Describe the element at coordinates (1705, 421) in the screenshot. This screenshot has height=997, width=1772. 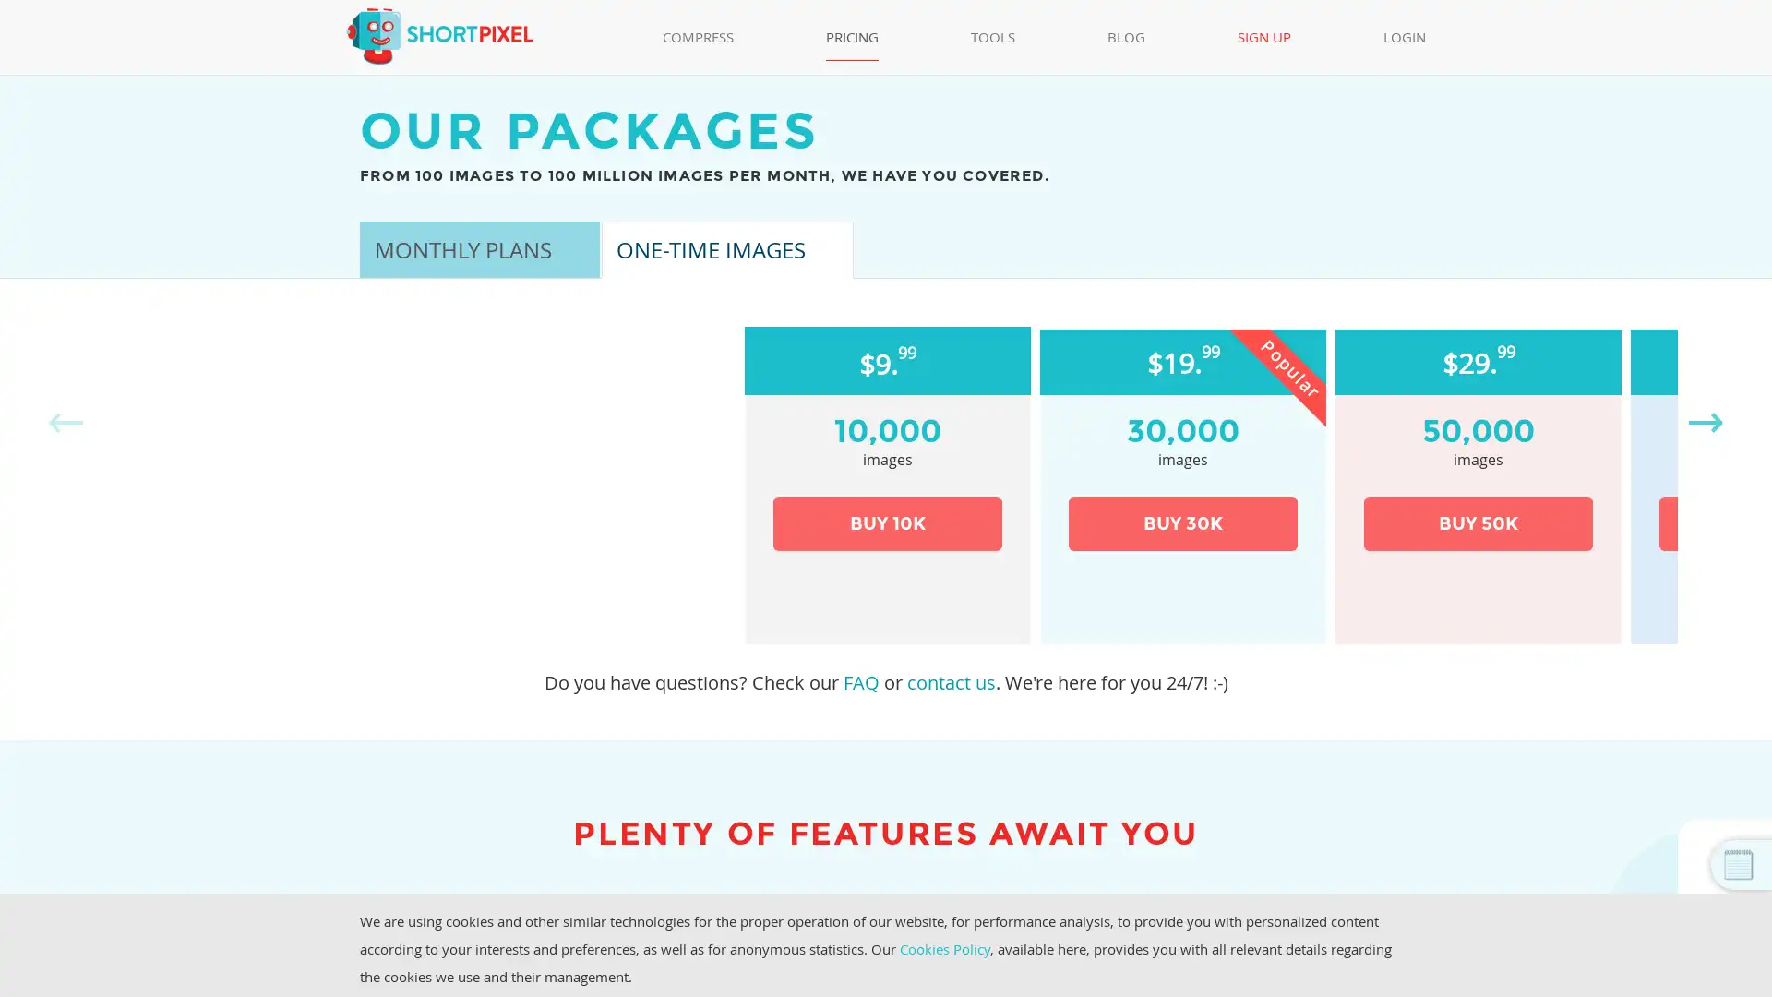
I see `Next` at that location.